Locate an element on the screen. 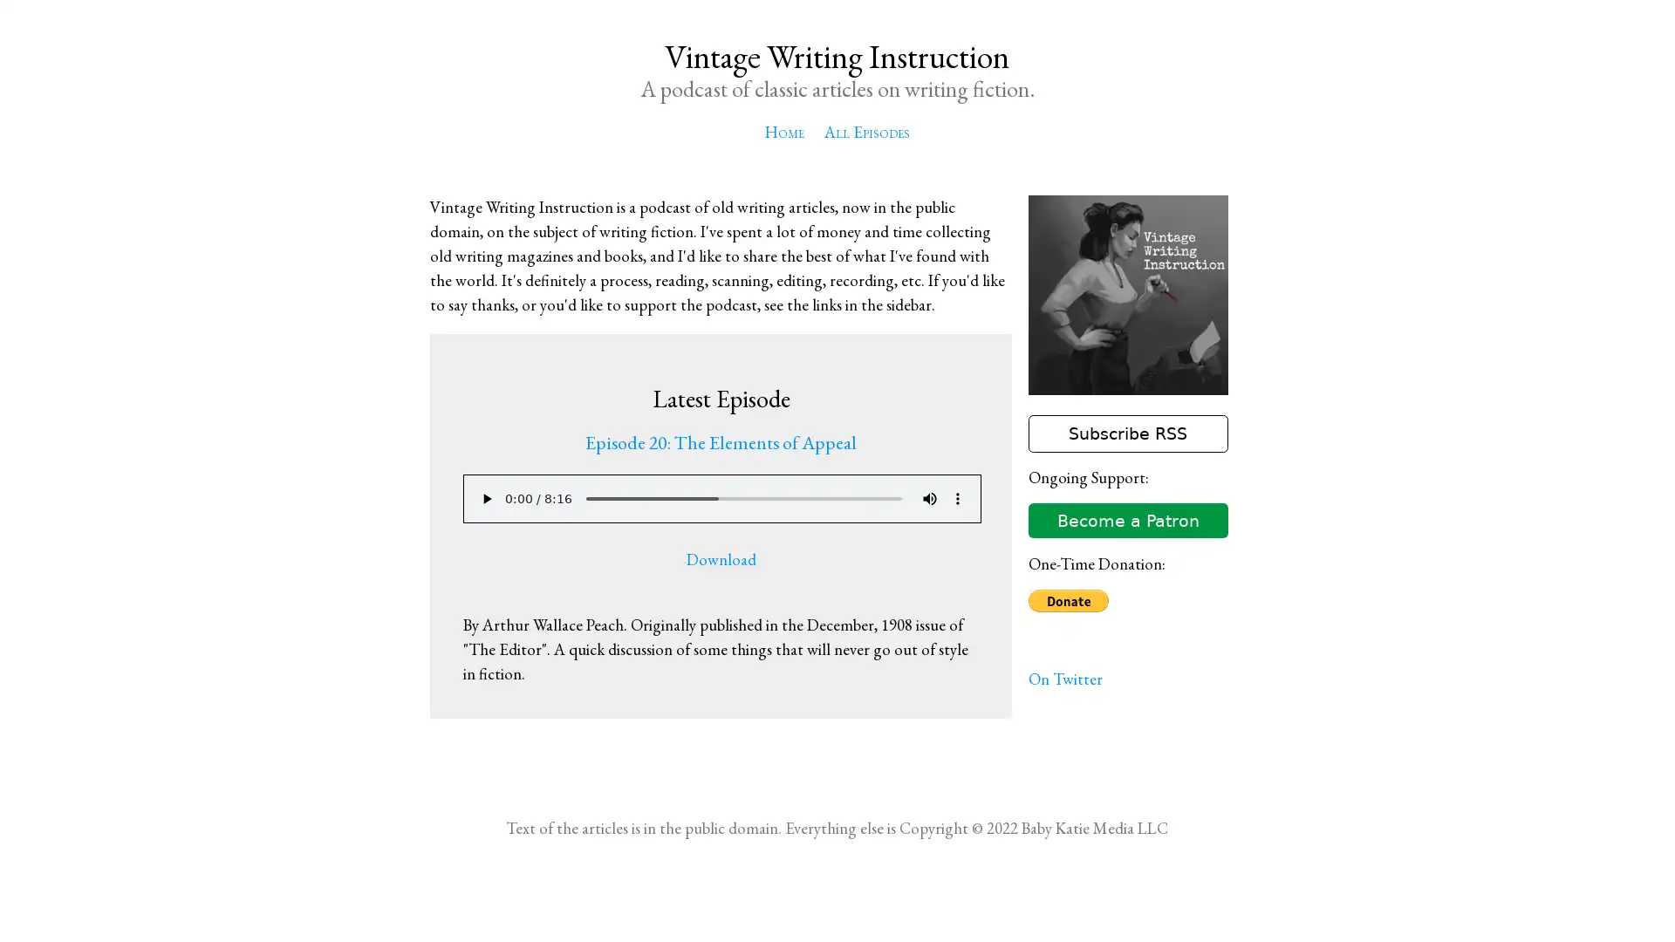  play is located at coordinates (485, 498).